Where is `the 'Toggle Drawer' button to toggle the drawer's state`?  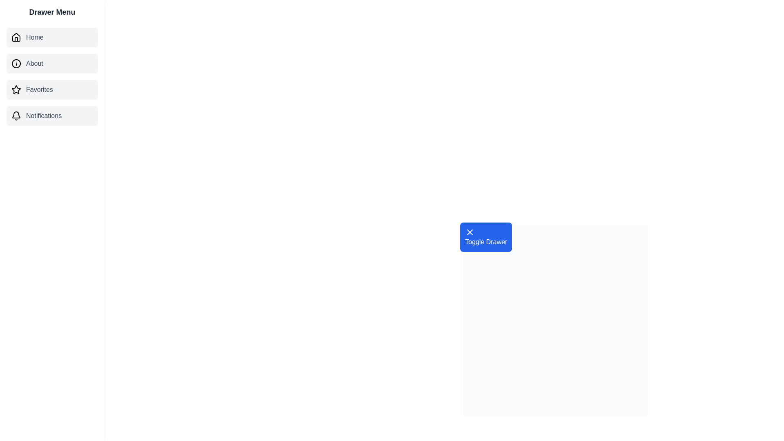 the 'Toggle Drawer' button to toggle the drawer's state is located at coordinates (486, 237).